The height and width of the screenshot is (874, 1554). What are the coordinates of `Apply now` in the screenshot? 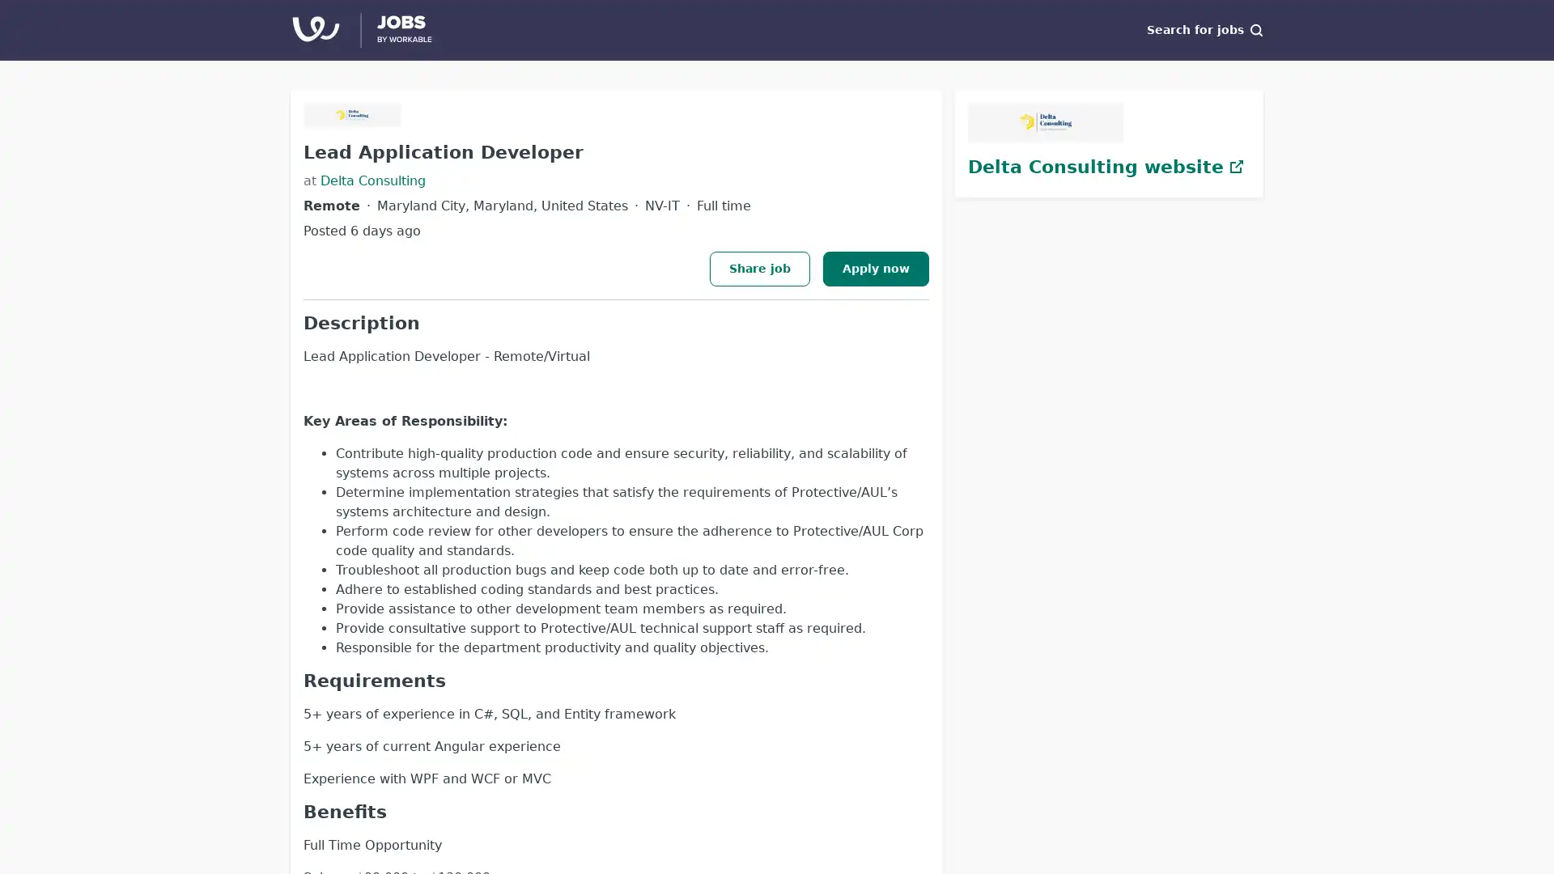 It's located at (875, 267).